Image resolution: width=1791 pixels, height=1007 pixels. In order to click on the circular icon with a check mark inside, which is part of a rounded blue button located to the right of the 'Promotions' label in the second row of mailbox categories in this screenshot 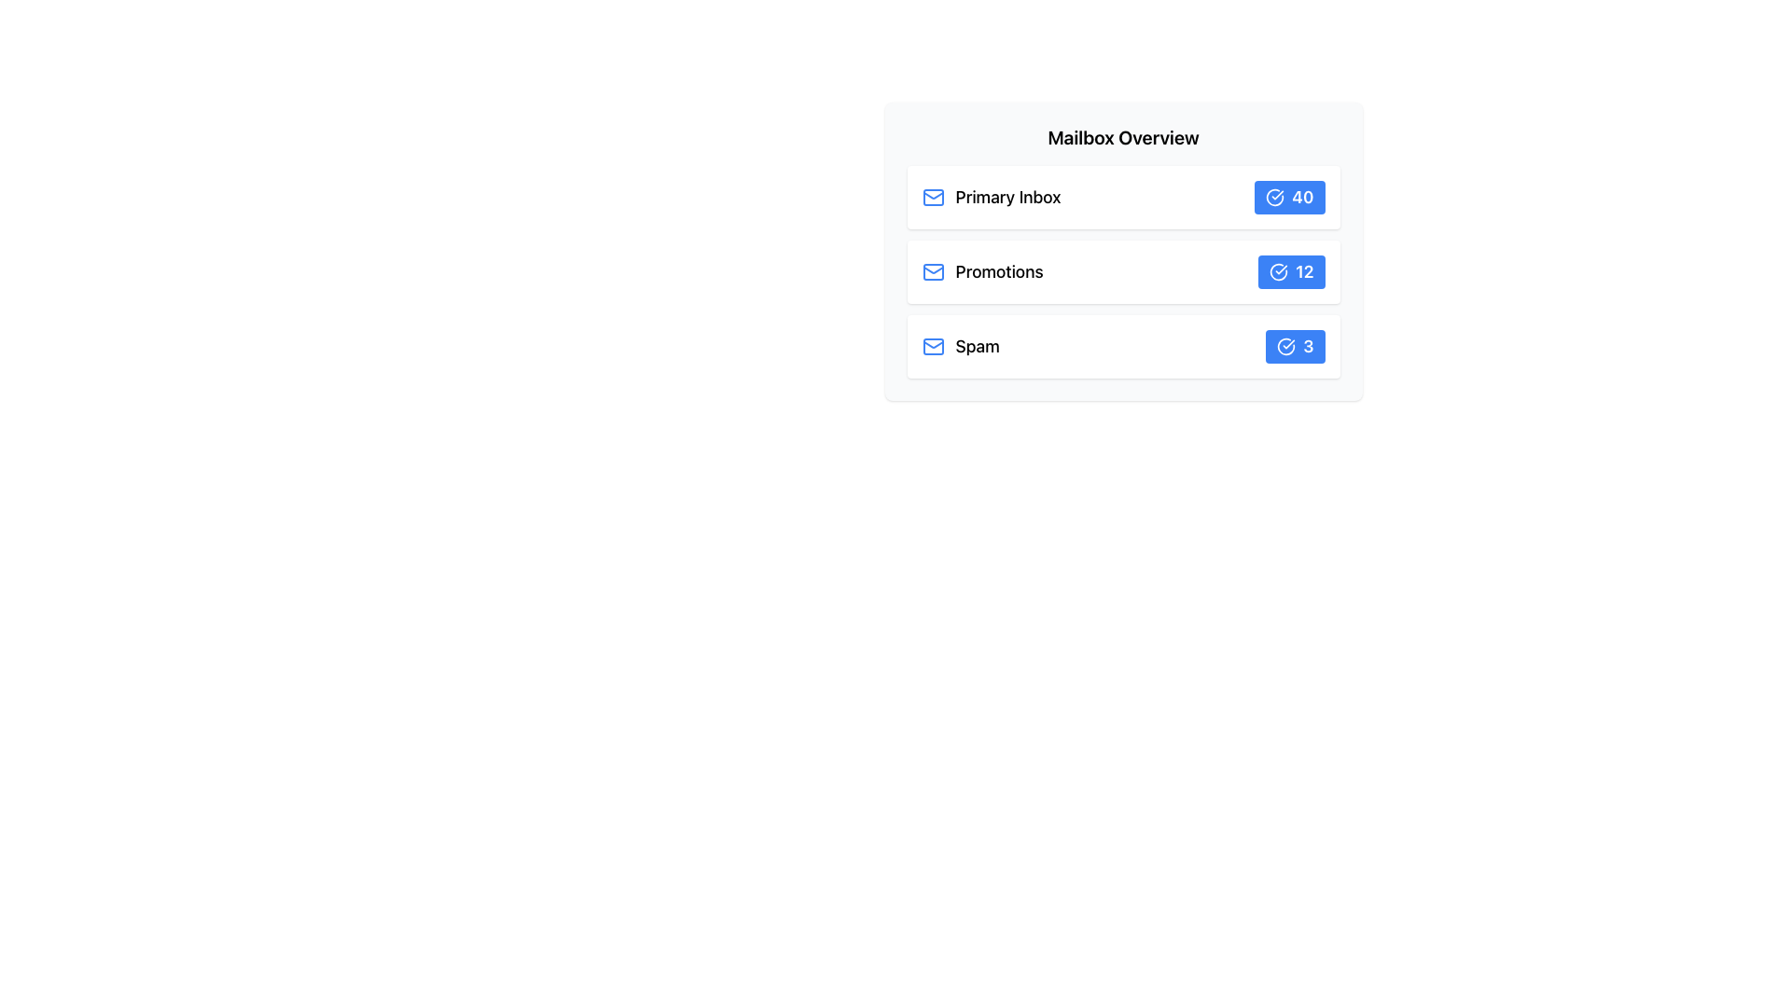, I will do `click(1278, 272)`.